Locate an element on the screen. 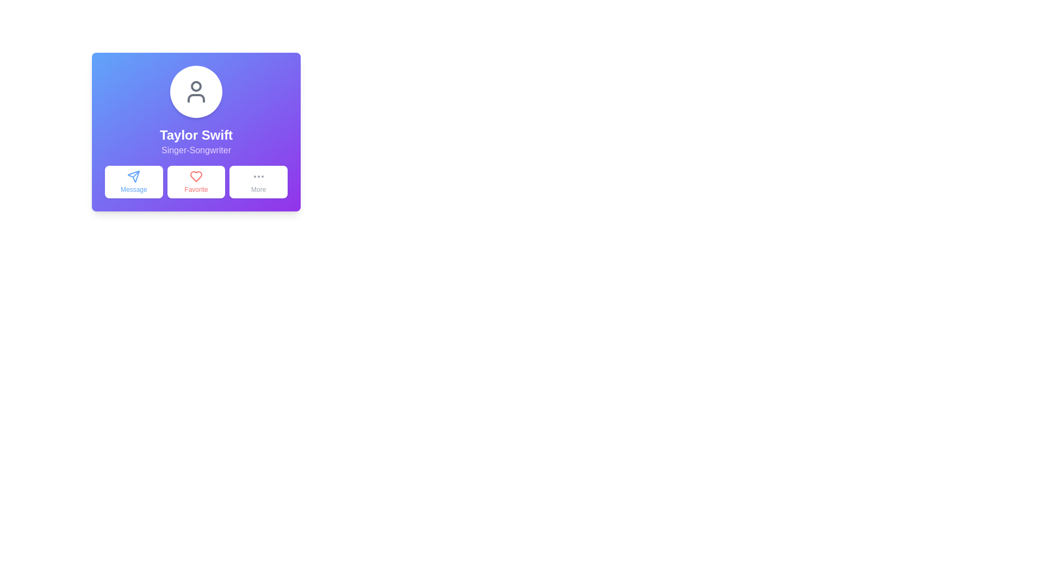  the 'Favorite' button located at the bottom section of the card-like component, which is the middle button in a set of three horizontally arranged buttons is located at coordinates (196, 182).